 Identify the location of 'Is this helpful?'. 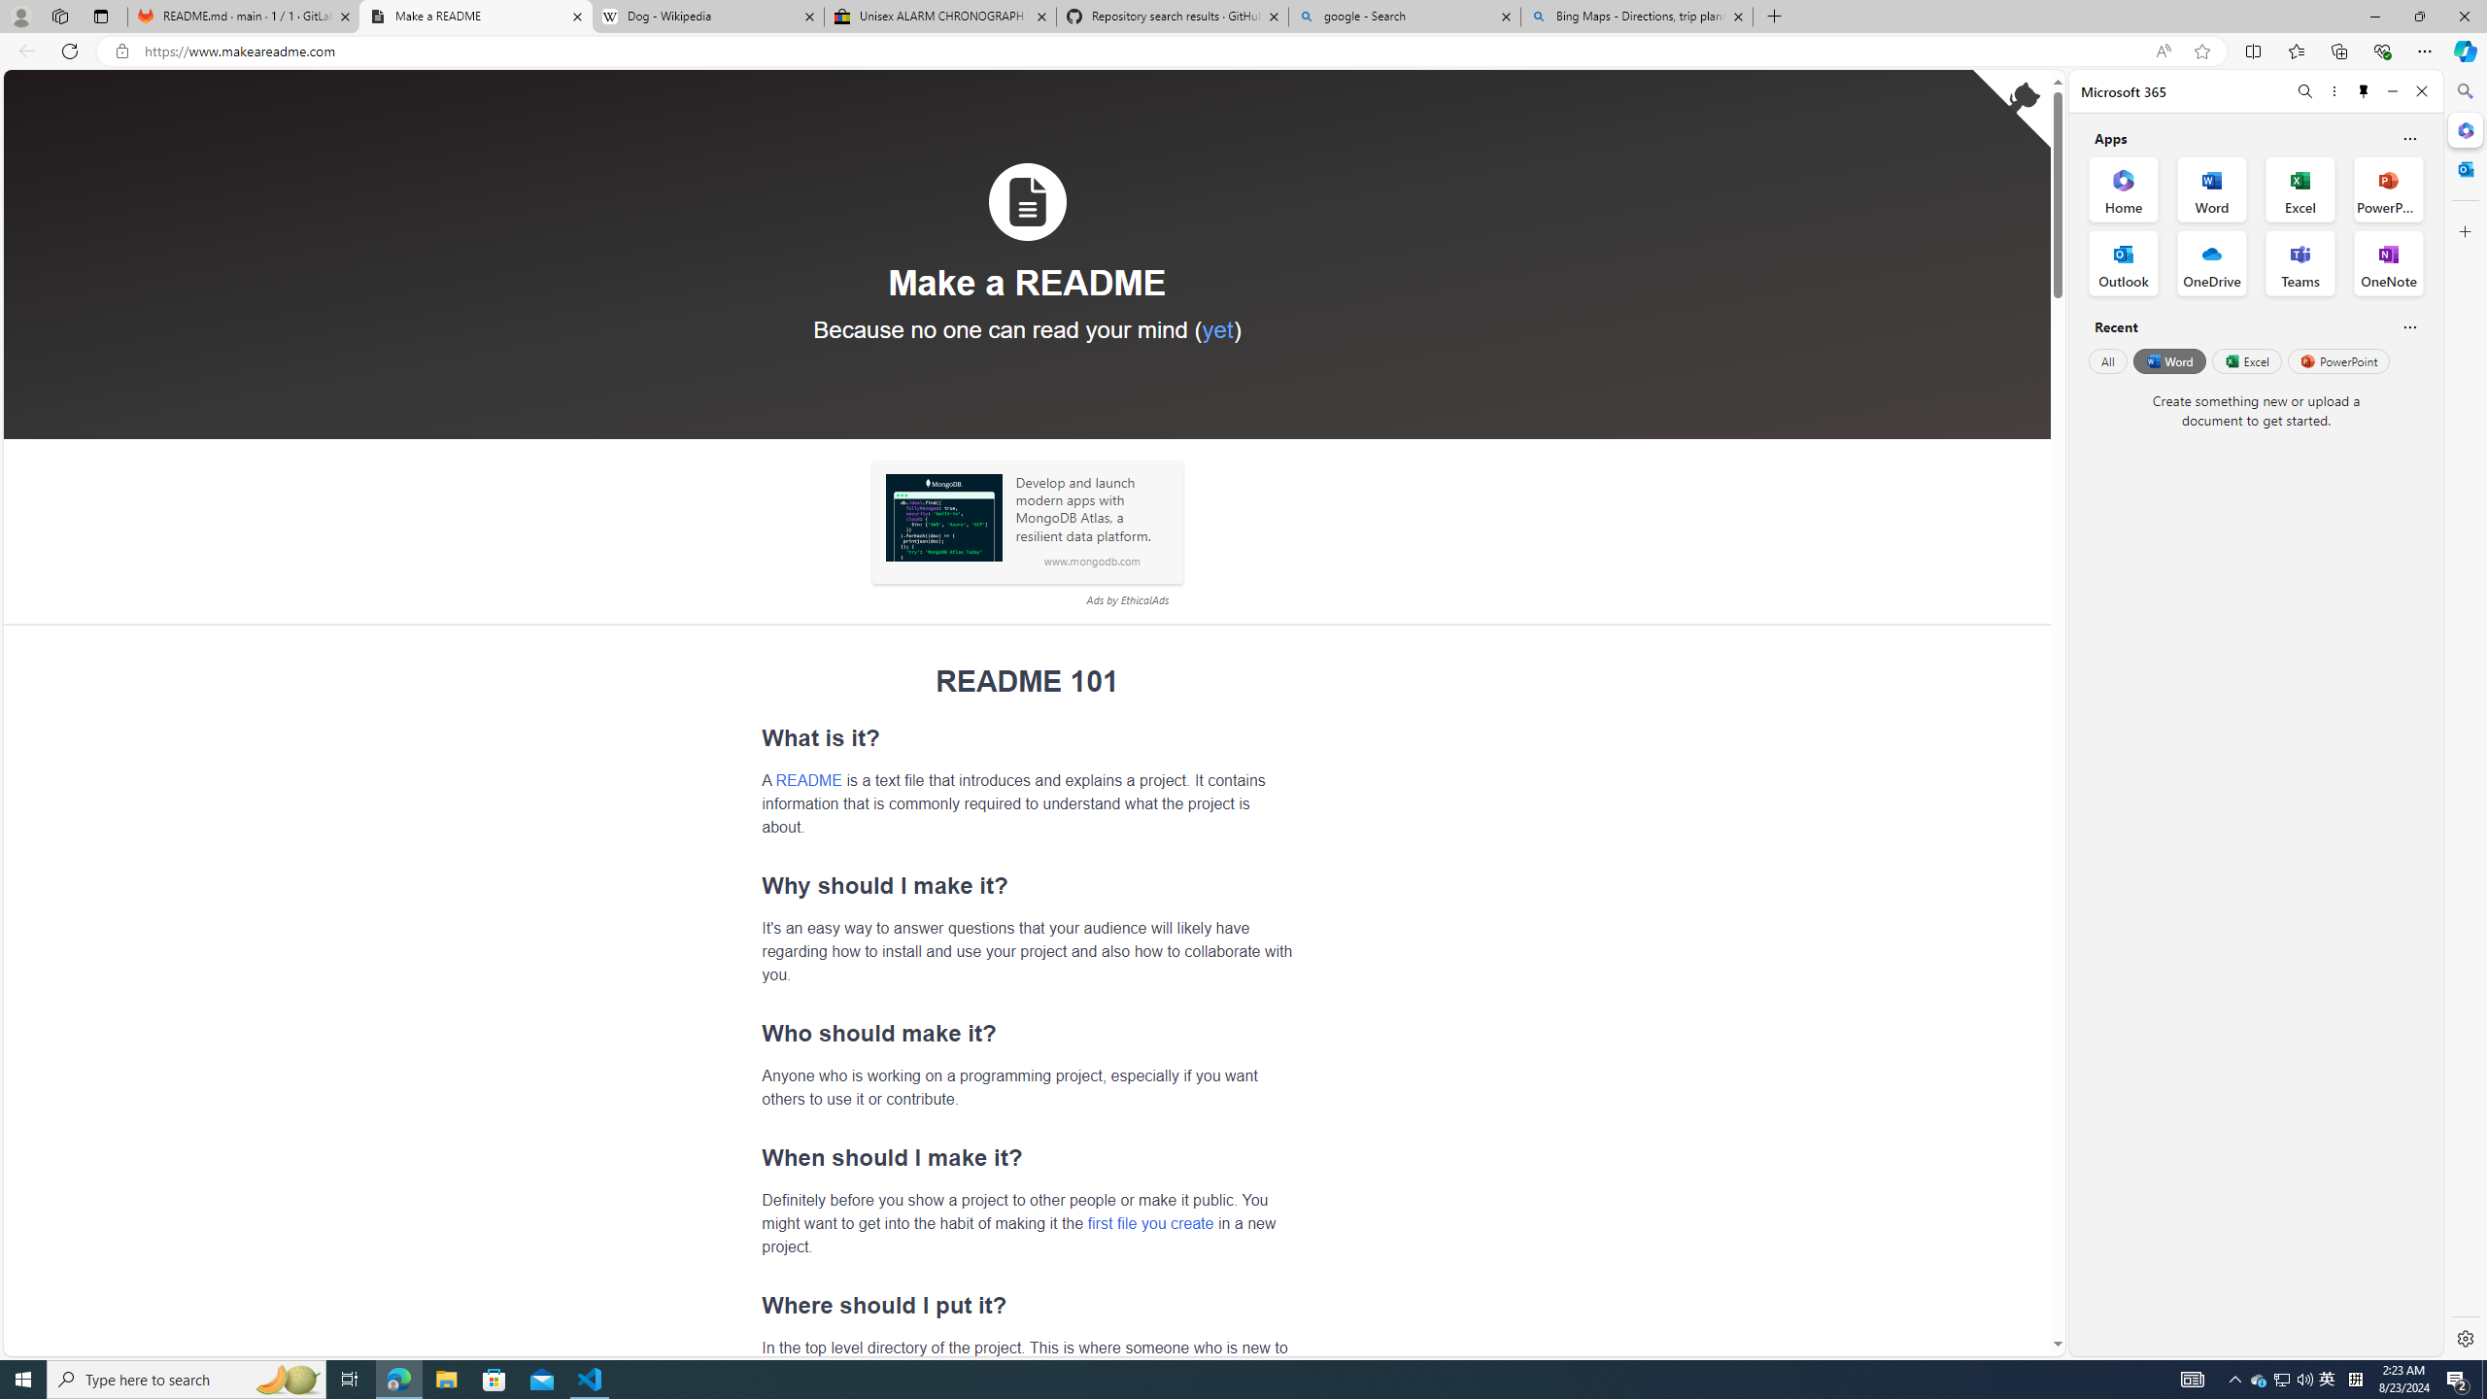
(2408, 326).